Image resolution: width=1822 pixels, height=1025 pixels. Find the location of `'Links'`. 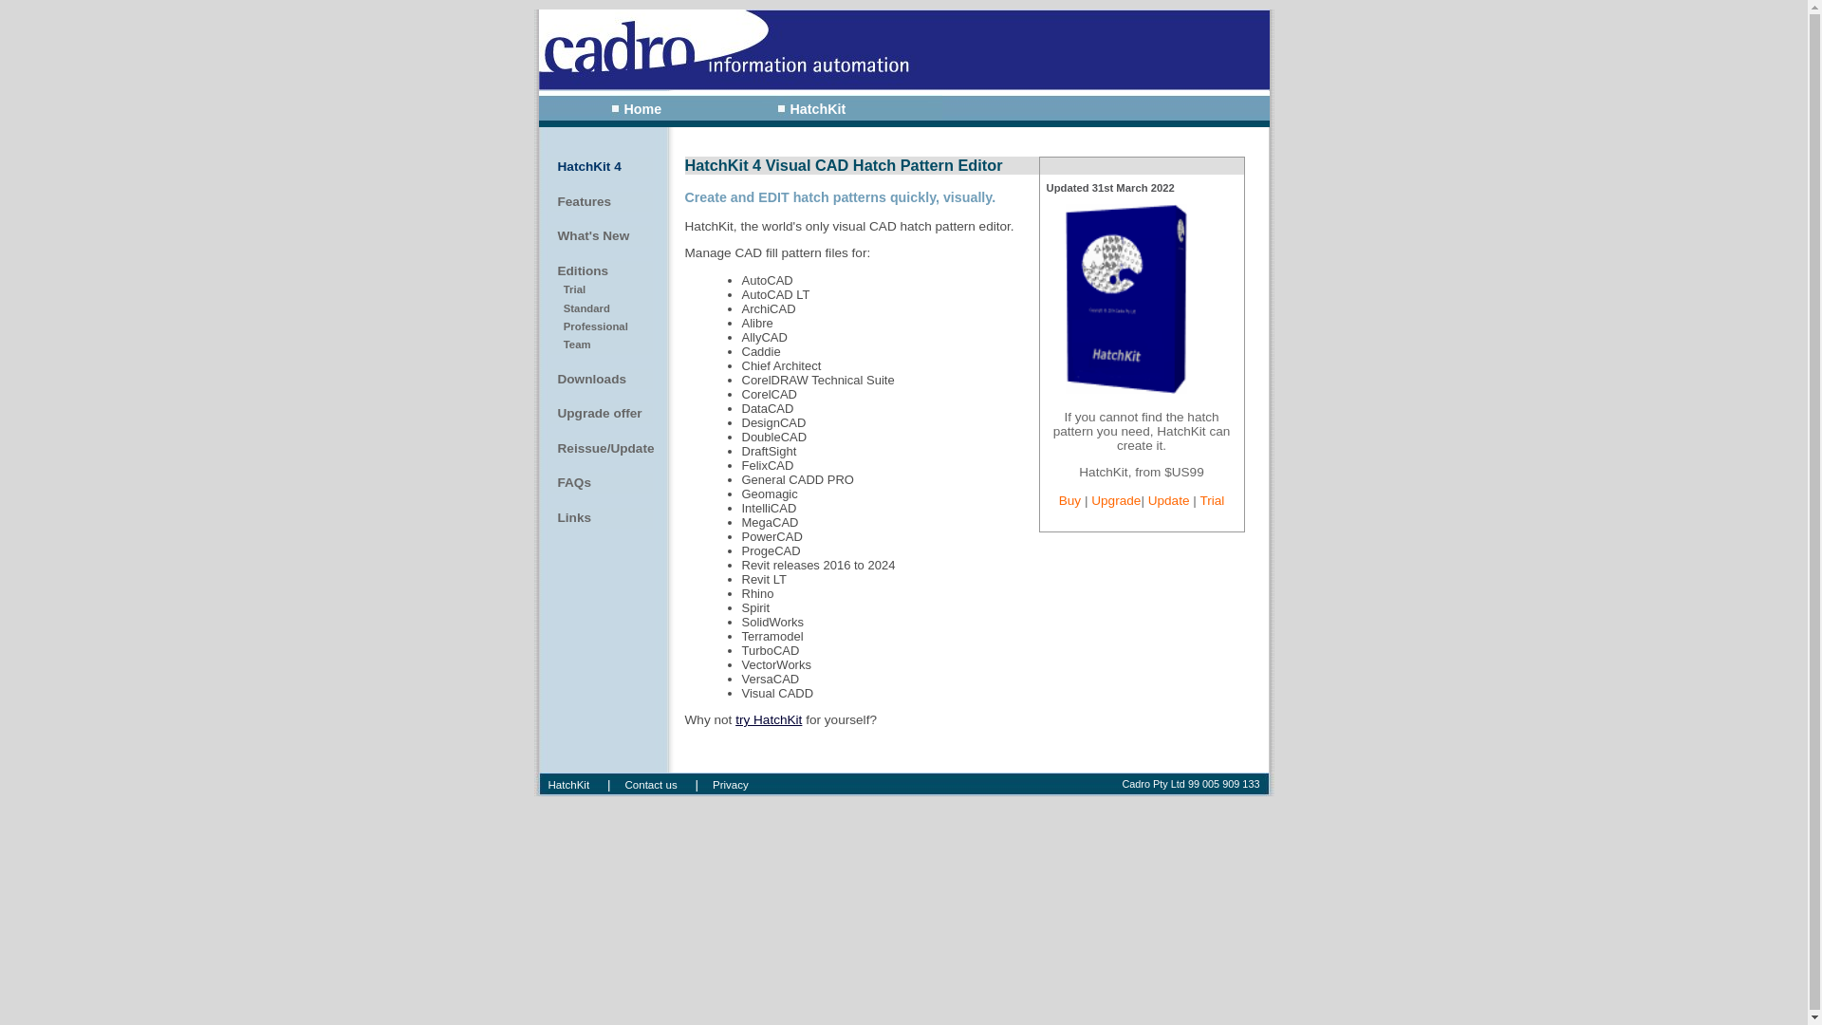

'Links' is located at coordinates (600, 518).